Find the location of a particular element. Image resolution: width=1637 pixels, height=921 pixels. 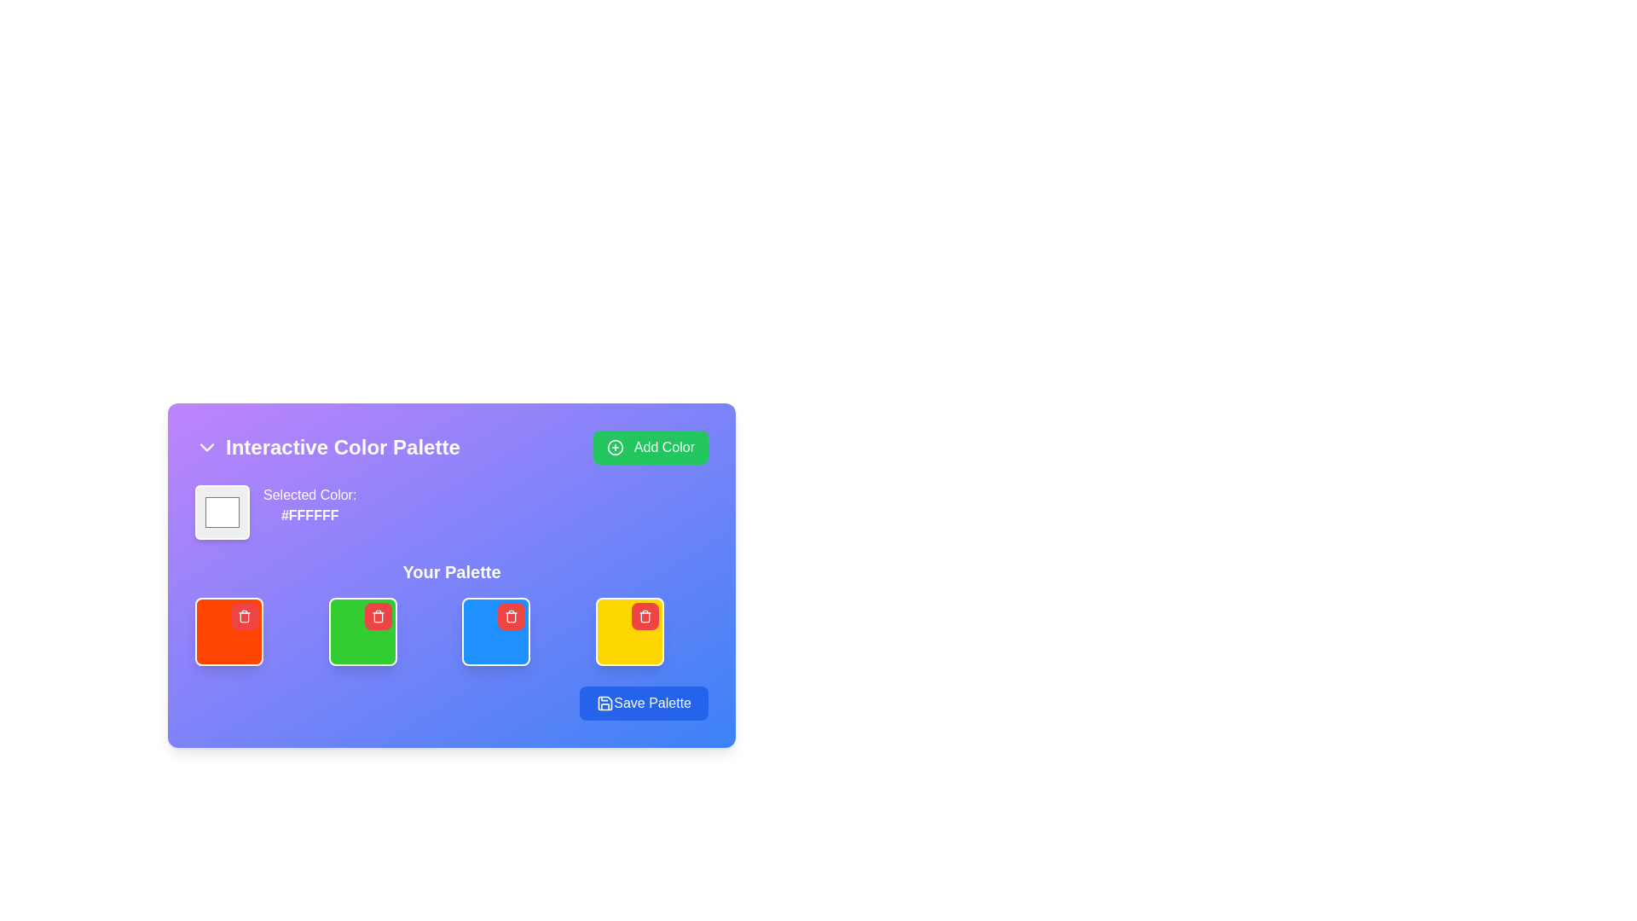

the outer boundary of the '+' button icon, which is the largest circular component within the group located at the top-right corner of the interface near the 'Add Color' button's label area is located at coordinates (614, 446).